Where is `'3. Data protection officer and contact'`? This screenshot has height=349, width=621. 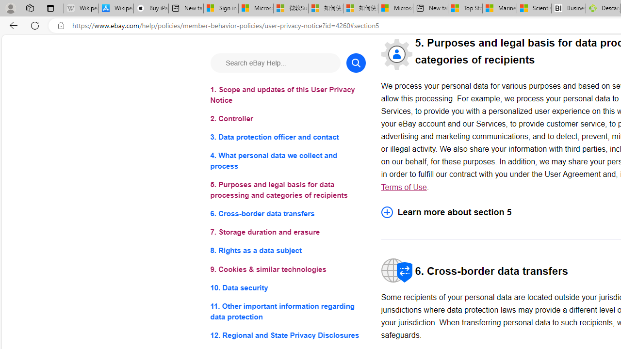
'3. Data protection officer and contact' is located at coordinates (287, 137).